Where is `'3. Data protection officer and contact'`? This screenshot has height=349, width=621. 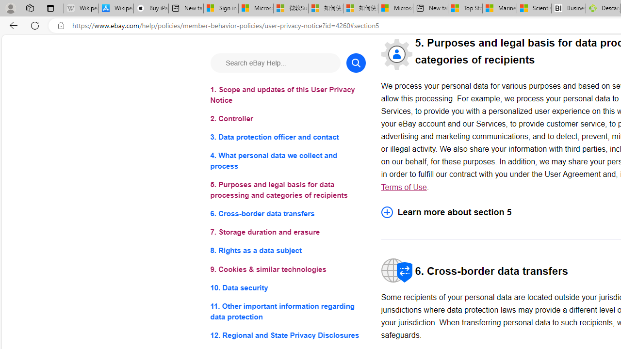
'3. Data protection officer and contact' is located at coordinates (287, 137).